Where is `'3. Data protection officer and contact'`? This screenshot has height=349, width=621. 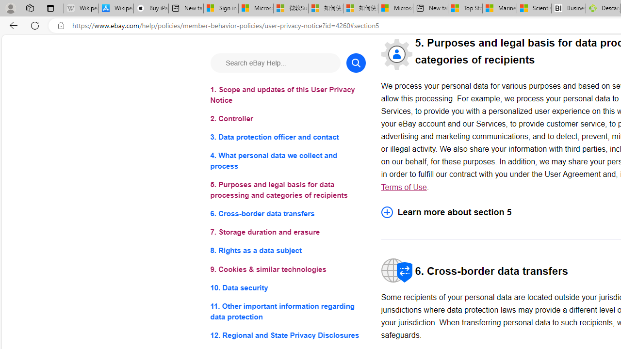
'3. Data protection officer and contact' is located at coordinates (287, 137).